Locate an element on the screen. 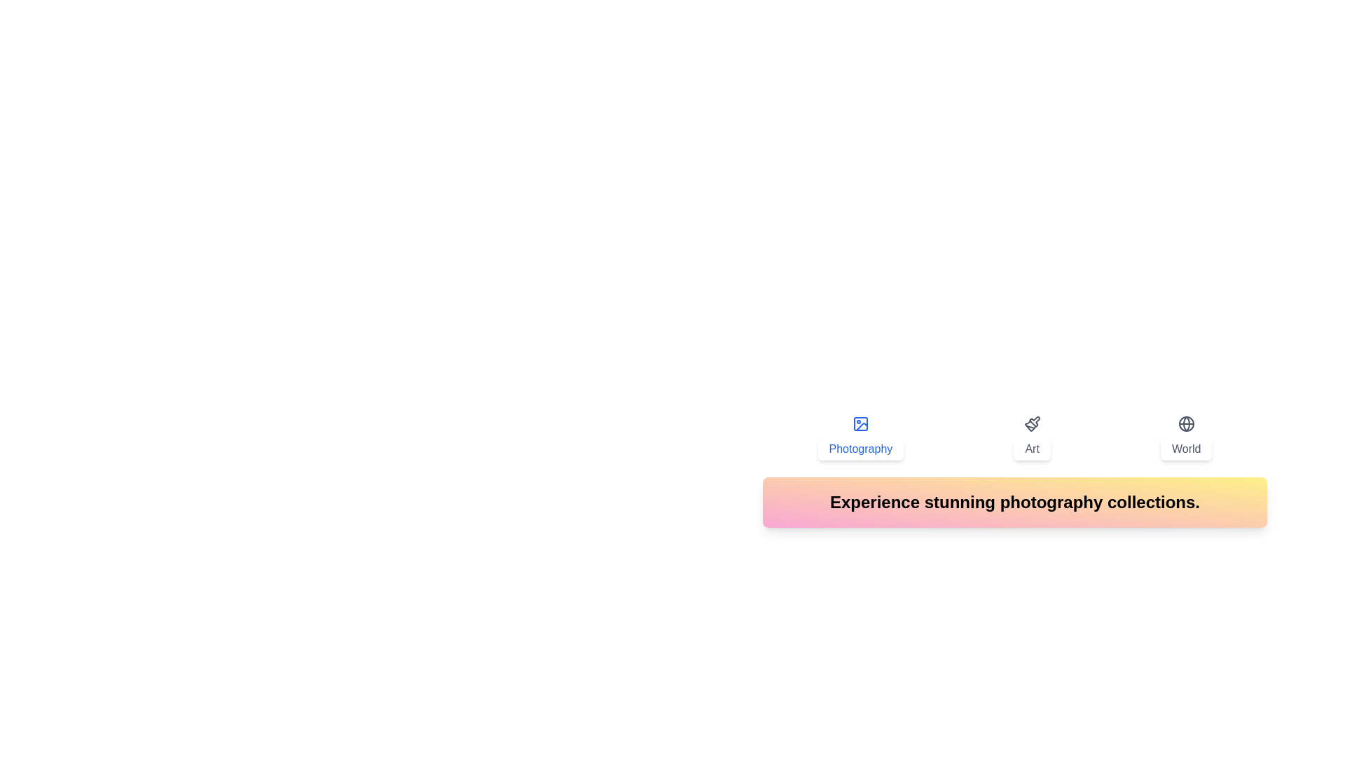 The width and height of the screenshot is (1345, 757). the tab labeled World is located at coordinates (1185, 437).